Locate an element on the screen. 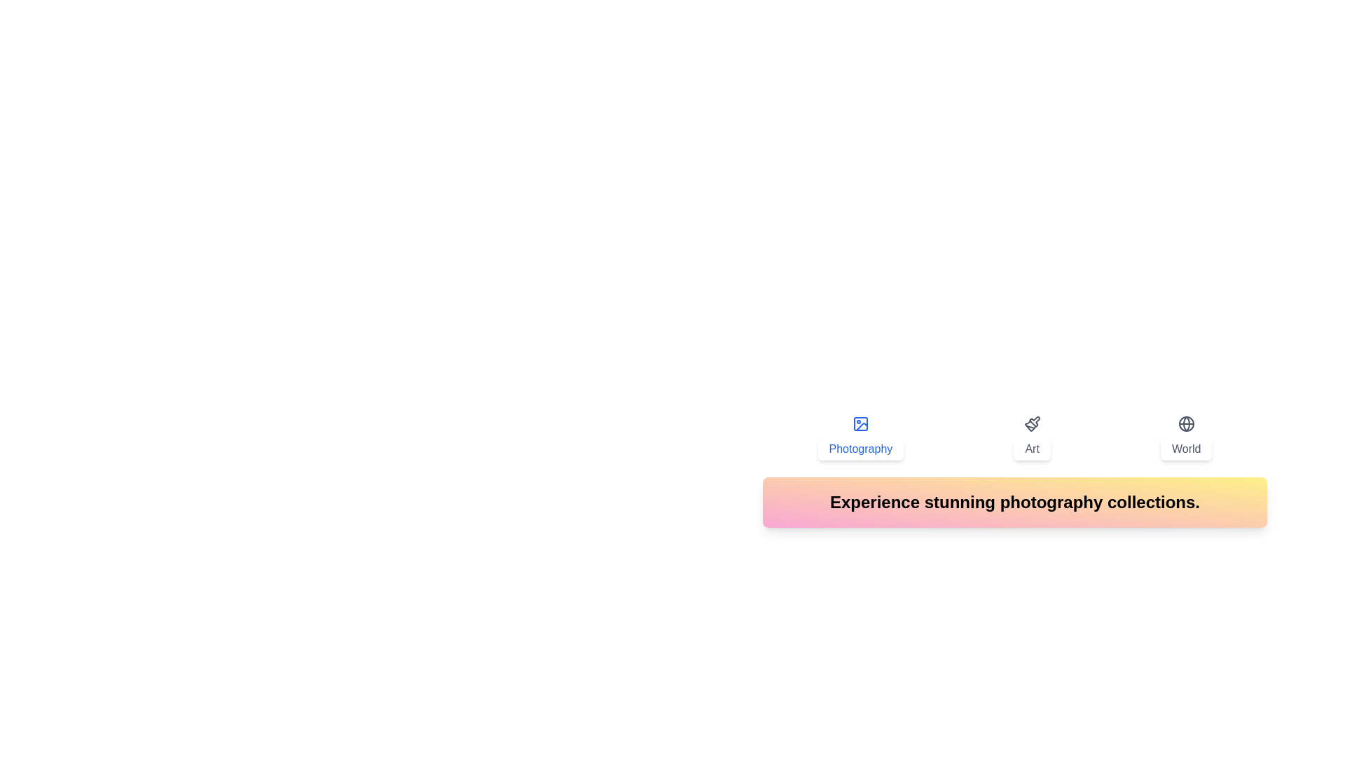 The width and height of the screenshot is (1345, 757). the tab labeled World is located at coordinates (1185, 437).